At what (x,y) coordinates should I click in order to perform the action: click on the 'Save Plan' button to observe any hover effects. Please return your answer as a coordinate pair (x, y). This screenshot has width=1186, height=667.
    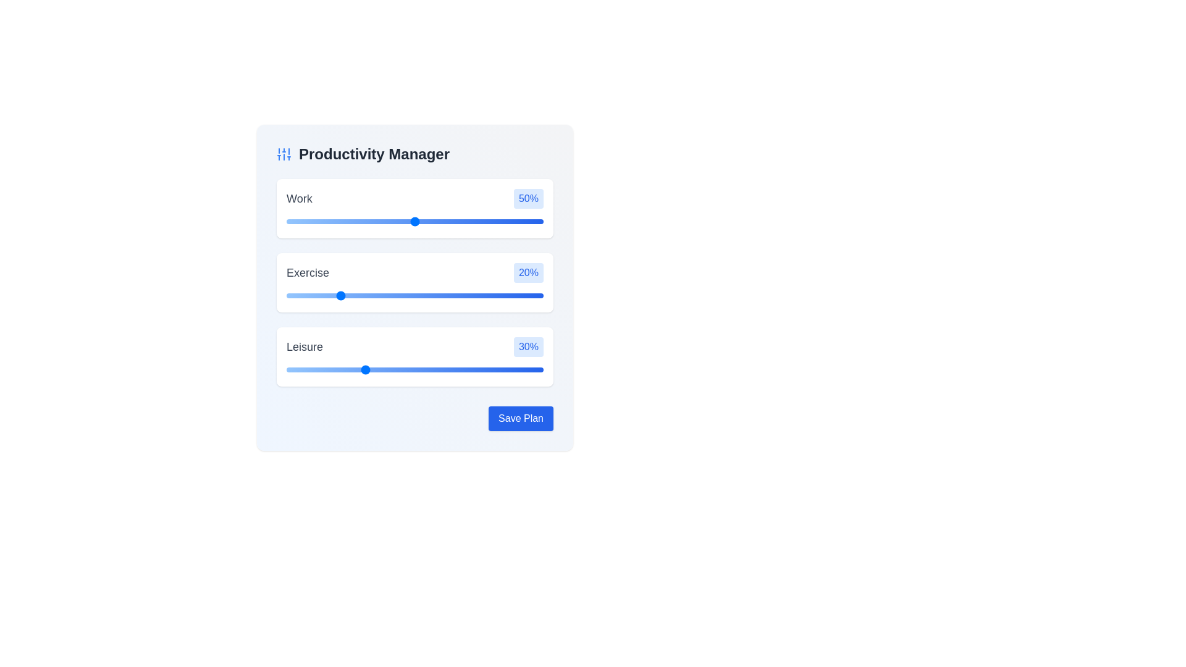
    Looking at the image, I should click on (521, 418).